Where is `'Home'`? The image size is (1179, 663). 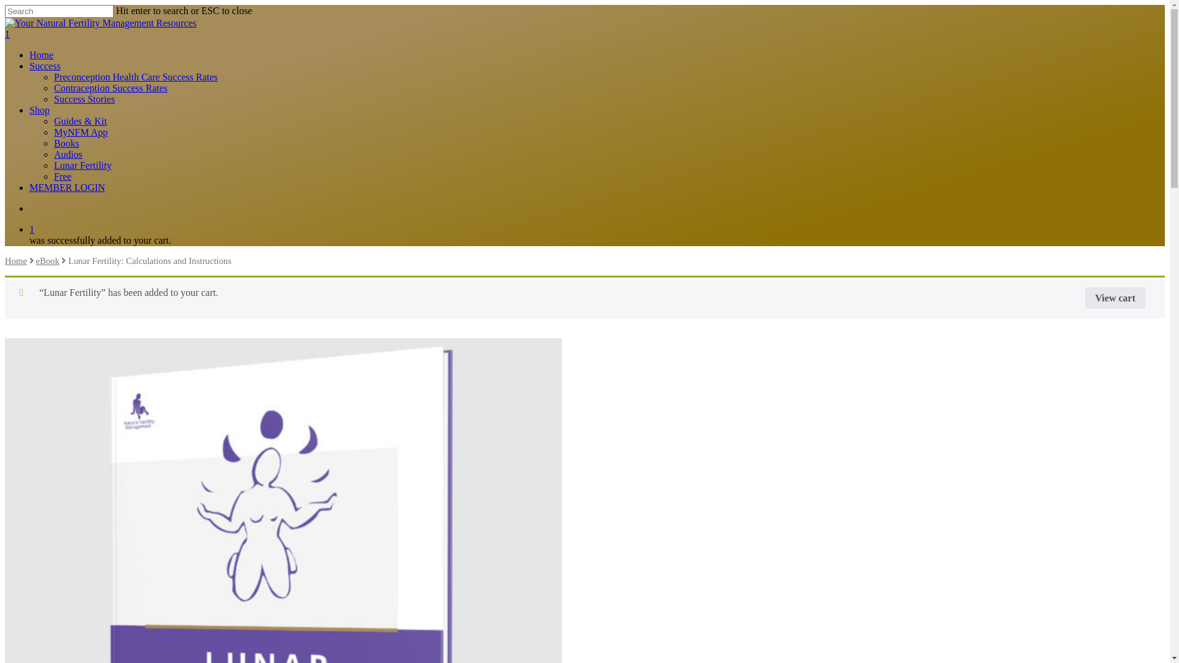
'Home' is located at coordinates (5, 260).